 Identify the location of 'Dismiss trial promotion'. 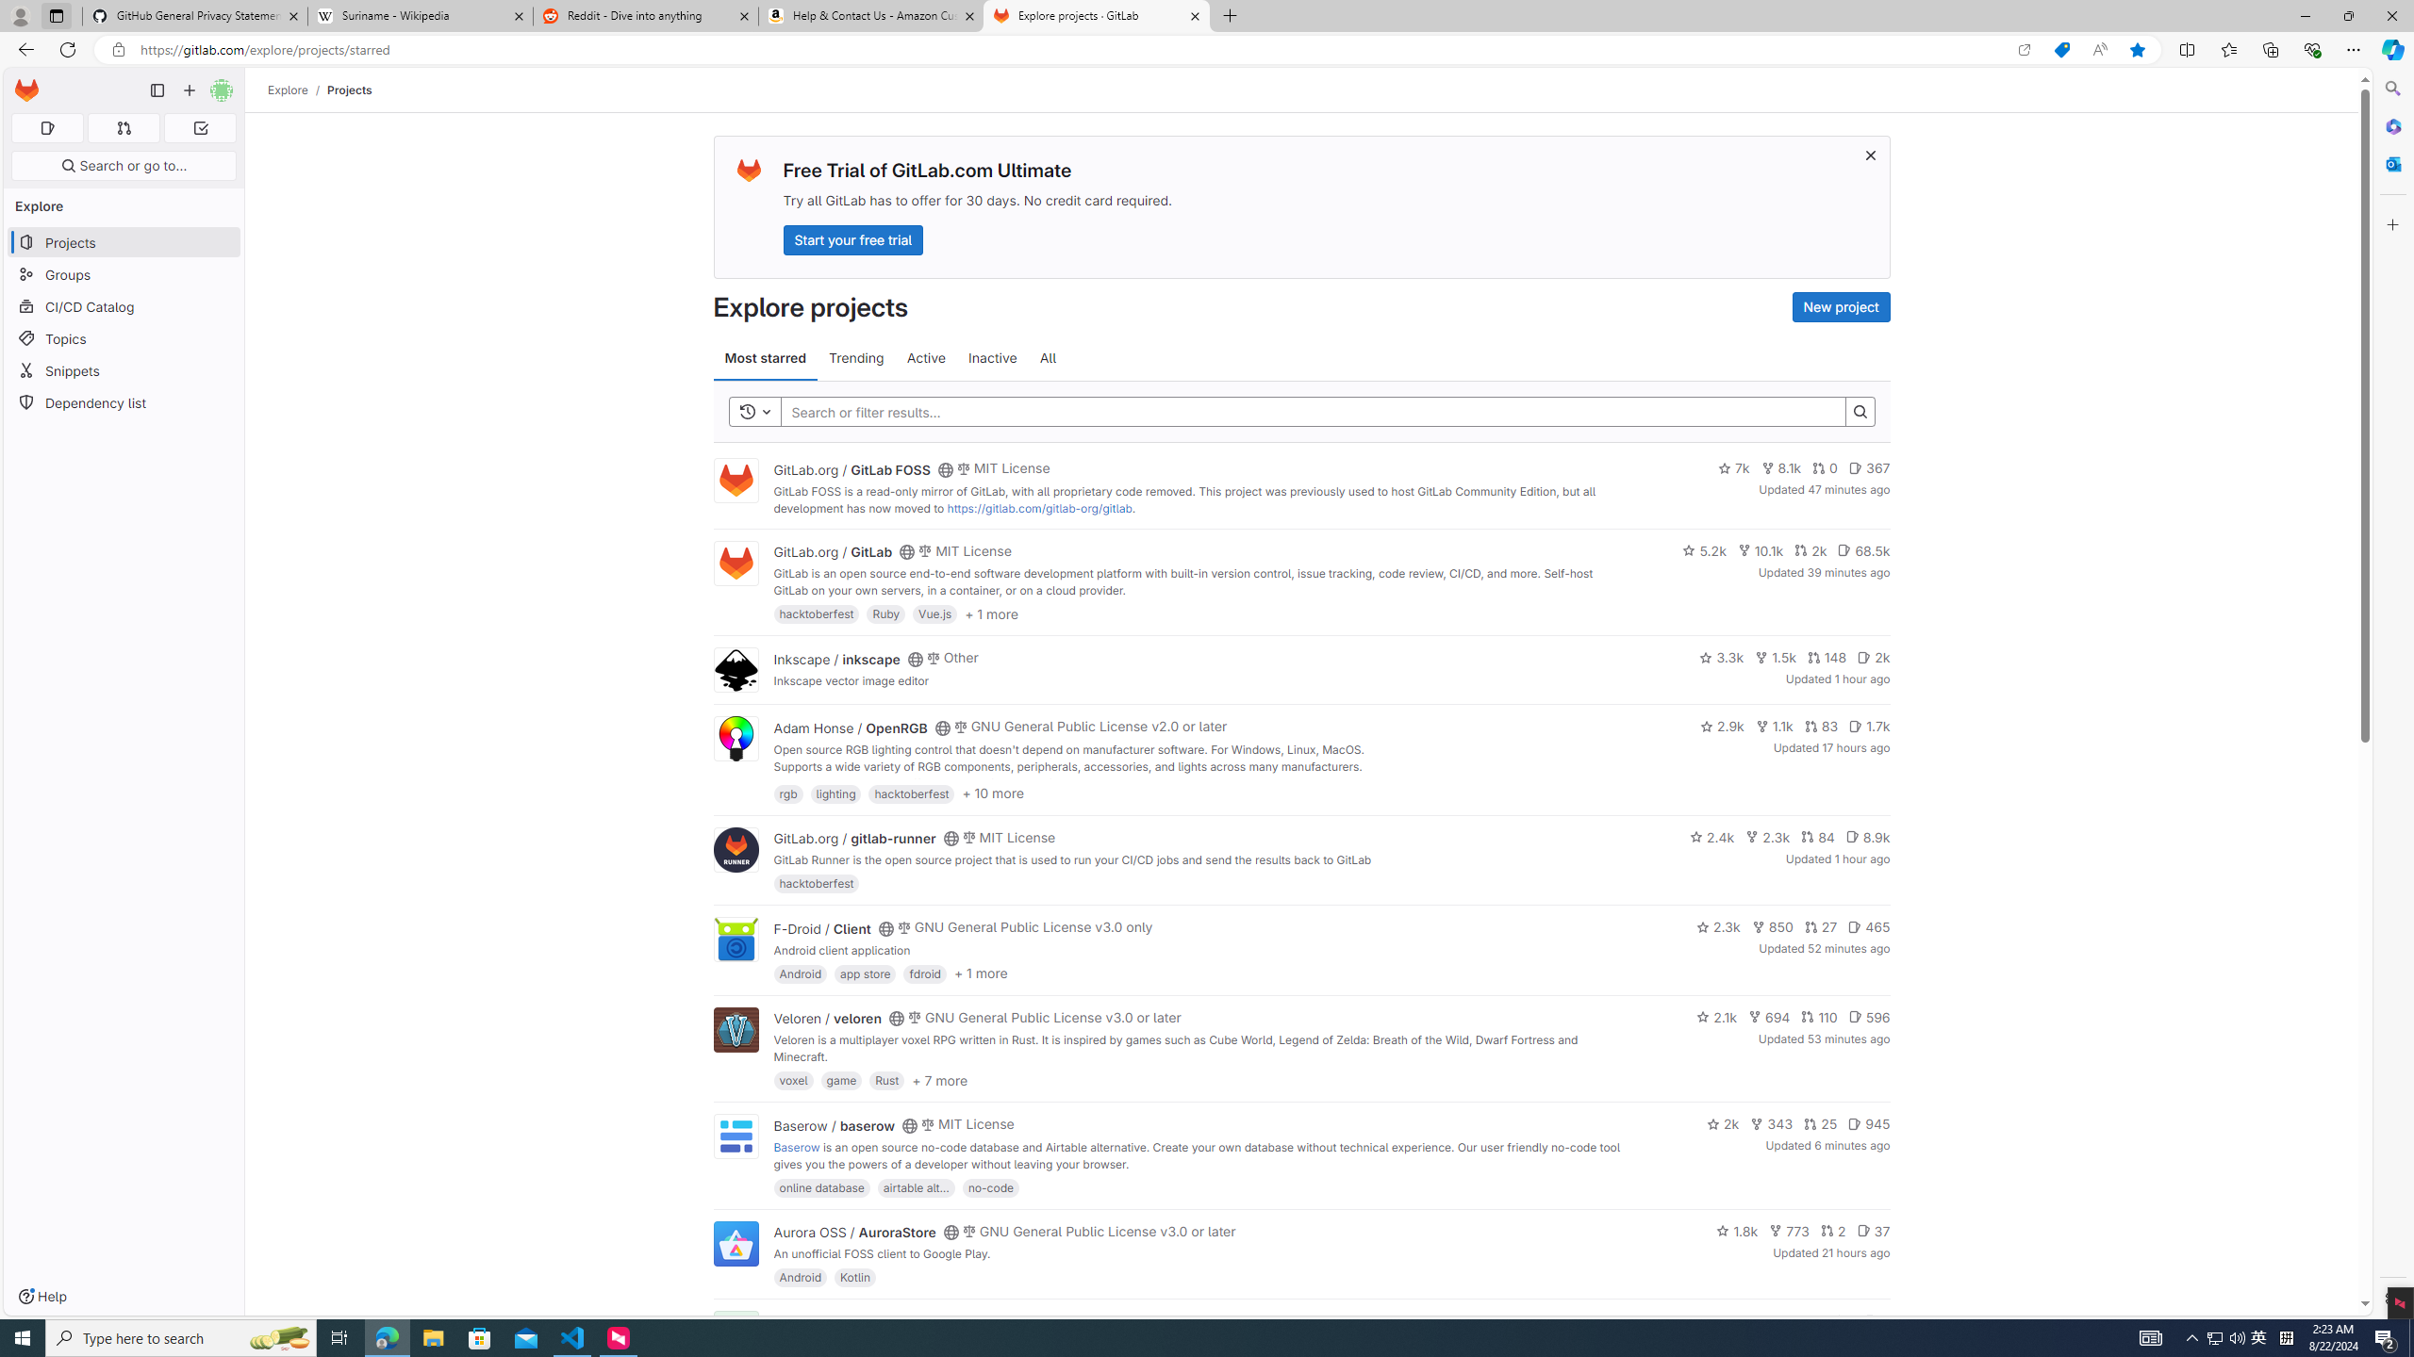
(1871, 155).